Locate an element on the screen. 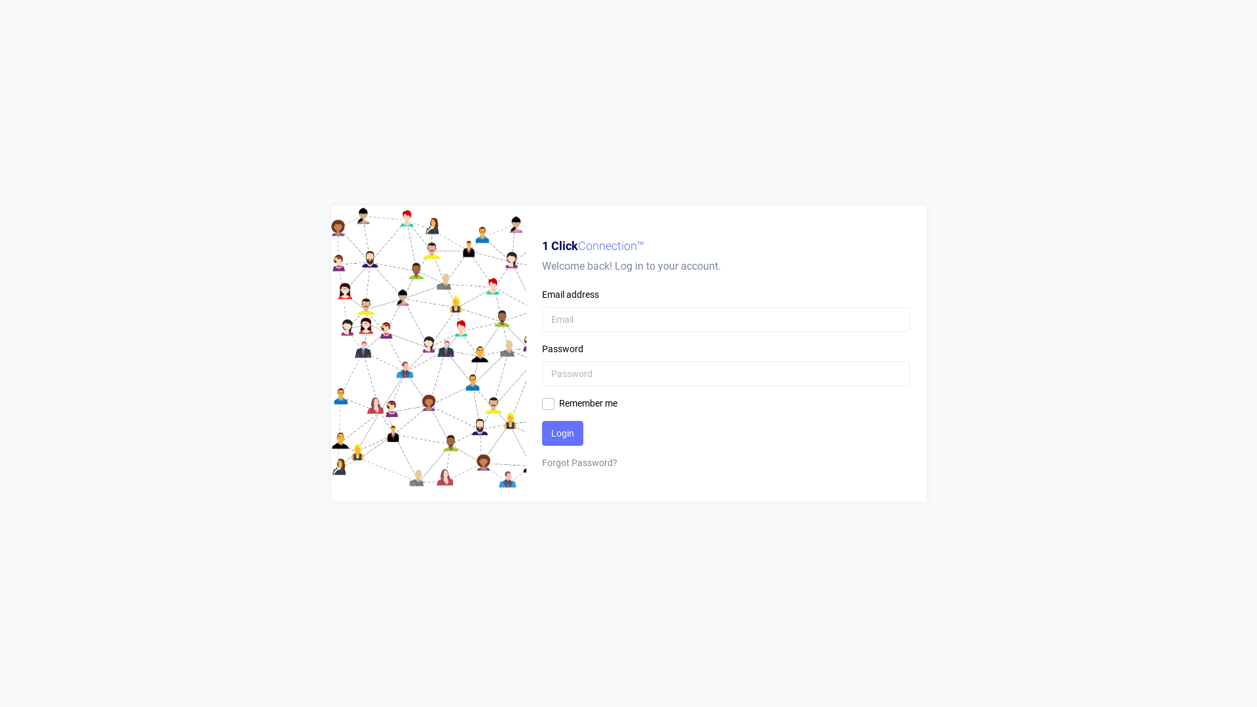 This screenshot has width=1257, height=707. 'Forgot Password?' is located at coordinates (725, 462).